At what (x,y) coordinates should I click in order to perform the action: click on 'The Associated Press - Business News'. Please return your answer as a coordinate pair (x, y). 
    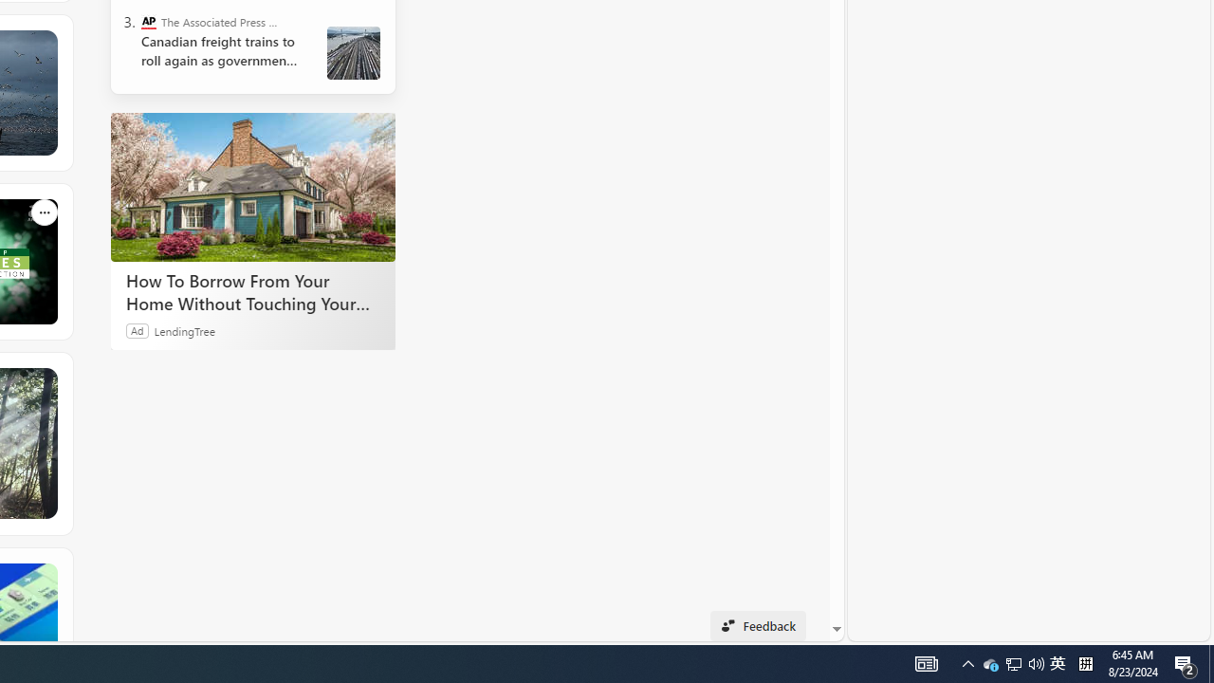
    Looking at the image, I should click on (147, 22).